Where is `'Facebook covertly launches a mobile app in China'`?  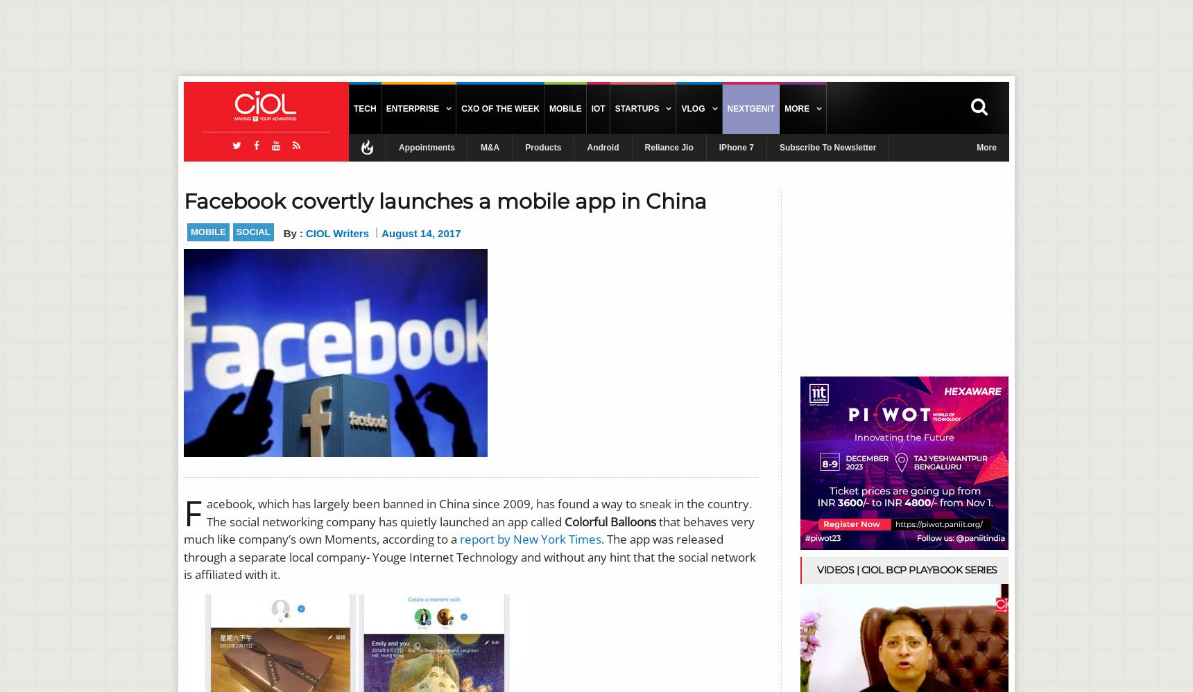
'Facebook covertly launches a mobile app in China' is located at coordinates (445, 200).